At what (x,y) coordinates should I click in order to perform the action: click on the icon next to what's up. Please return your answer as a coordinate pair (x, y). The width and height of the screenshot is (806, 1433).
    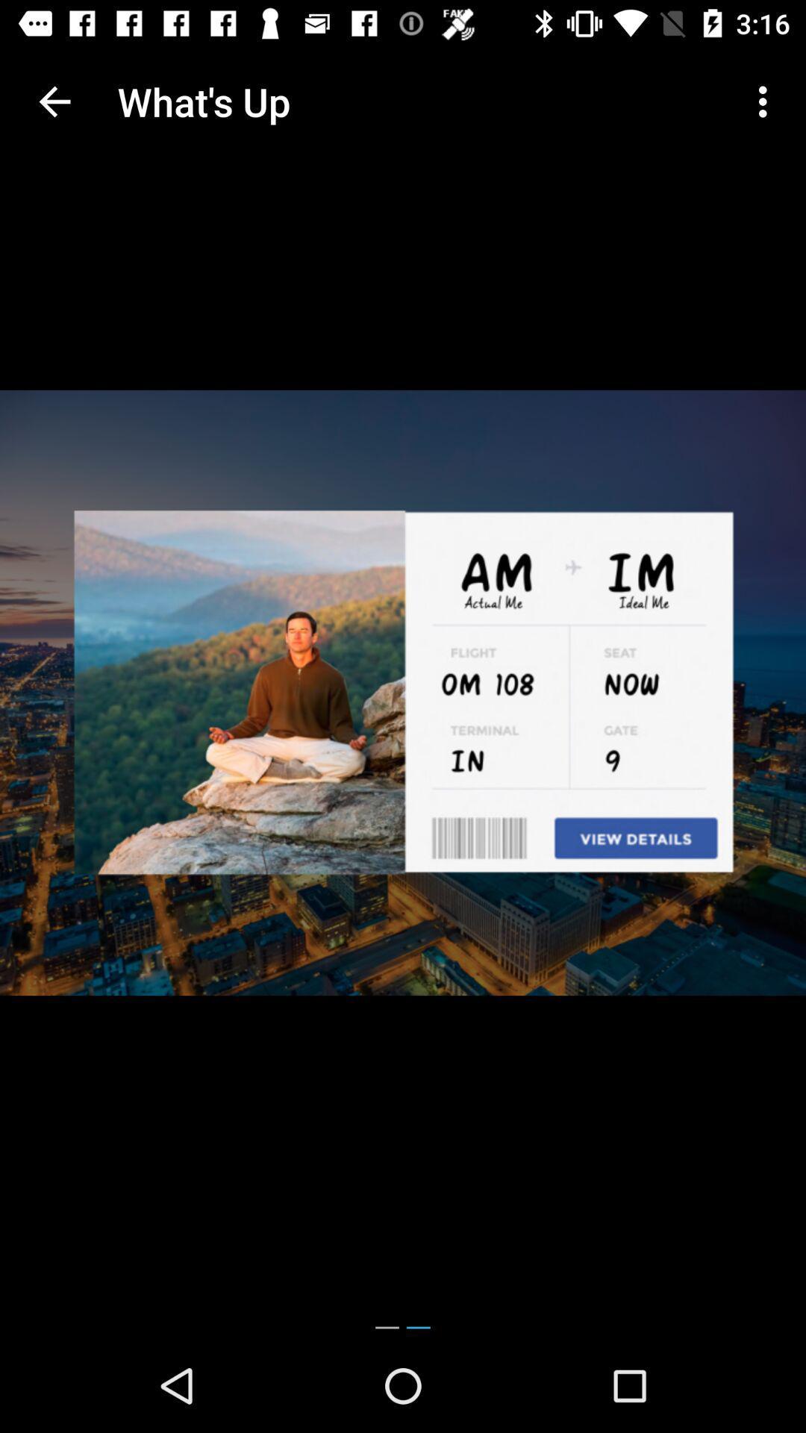
    Looking at the image, I should click on (54, 101).